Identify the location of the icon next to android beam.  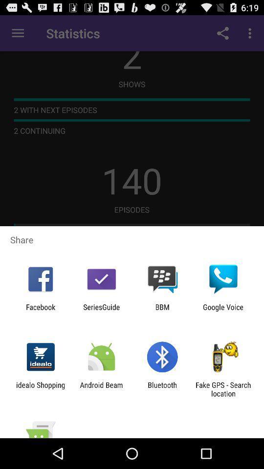
(162, 389).